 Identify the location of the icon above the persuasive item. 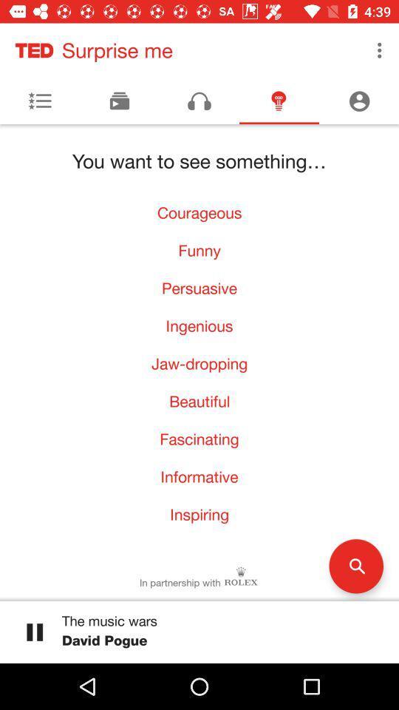
(199, 250).